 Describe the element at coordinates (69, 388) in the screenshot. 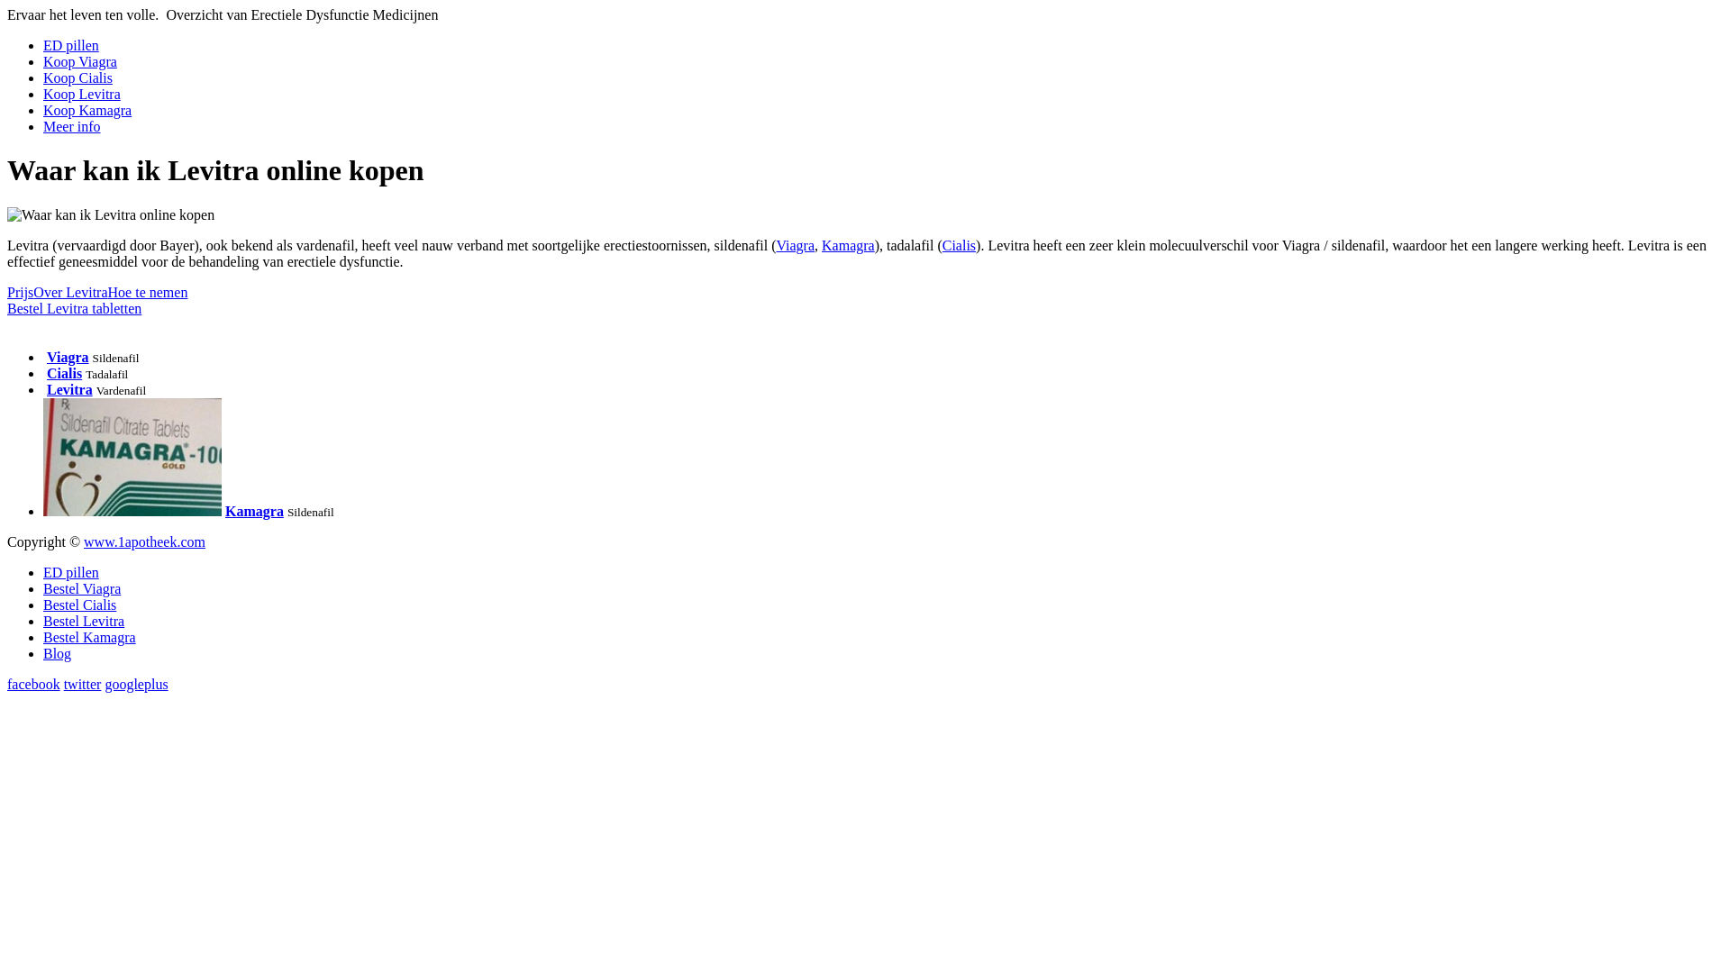

I see `'Levitra'` at that location.